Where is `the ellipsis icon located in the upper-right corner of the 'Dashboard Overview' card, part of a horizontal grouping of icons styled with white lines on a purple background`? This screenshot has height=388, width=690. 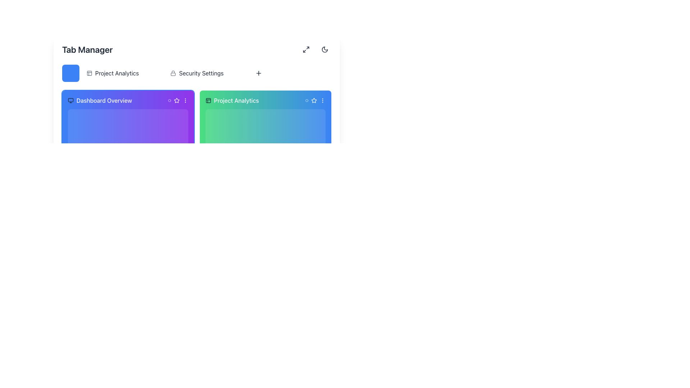
the ellipsis icon located in the upper-right corner of the 'Dashboard Overview' card, part of a horizontal grouping of icons styled with white lines on a purple background is located at coordinates (178, 101).